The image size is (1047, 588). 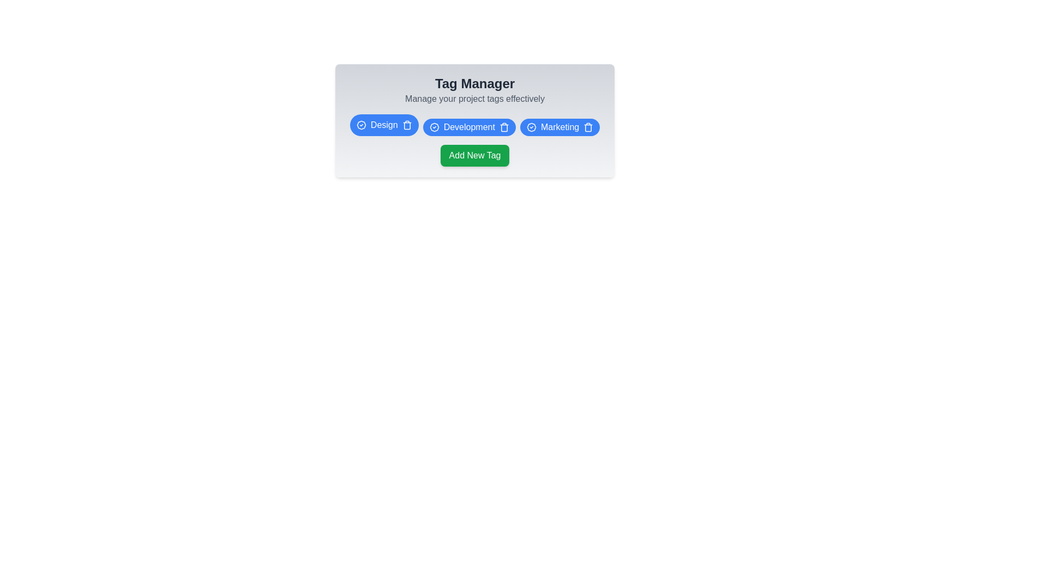 What do you see at coordinates (588, 127) in the screenshot?
I see `the trash icon next to the tag labeled Marketing` at bounding box center [588, 127].